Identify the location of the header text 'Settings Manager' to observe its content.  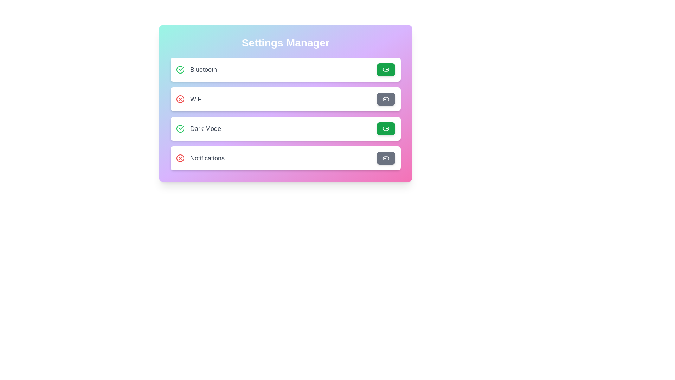
(285, 43).